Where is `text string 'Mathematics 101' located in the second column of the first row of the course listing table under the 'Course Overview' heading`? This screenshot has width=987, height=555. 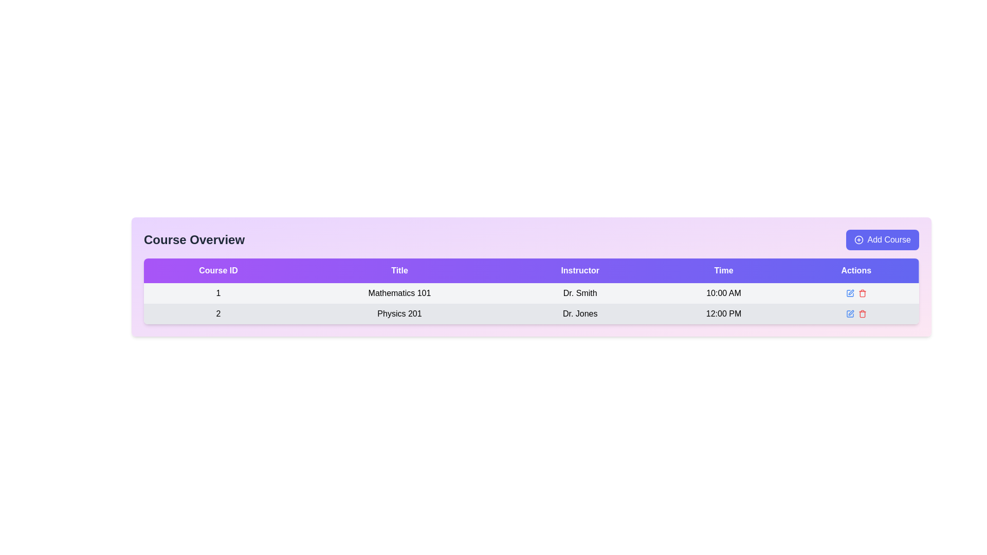 text string 'Mathematics 101' located in the second column of the first row of the course listing table under the 'Course Overview' heading is located at coordinates (399, 293).